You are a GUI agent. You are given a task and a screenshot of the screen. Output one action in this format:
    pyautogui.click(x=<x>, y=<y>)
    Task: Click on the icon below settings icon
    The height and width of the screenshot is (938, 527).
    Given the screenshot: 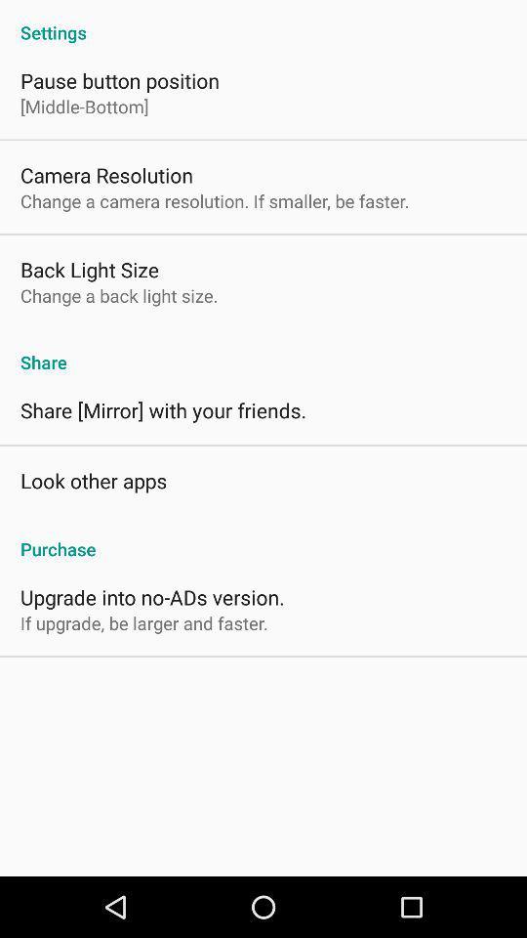 What is the action you would take?
    pyautogui.click(x=120, y=80)
    